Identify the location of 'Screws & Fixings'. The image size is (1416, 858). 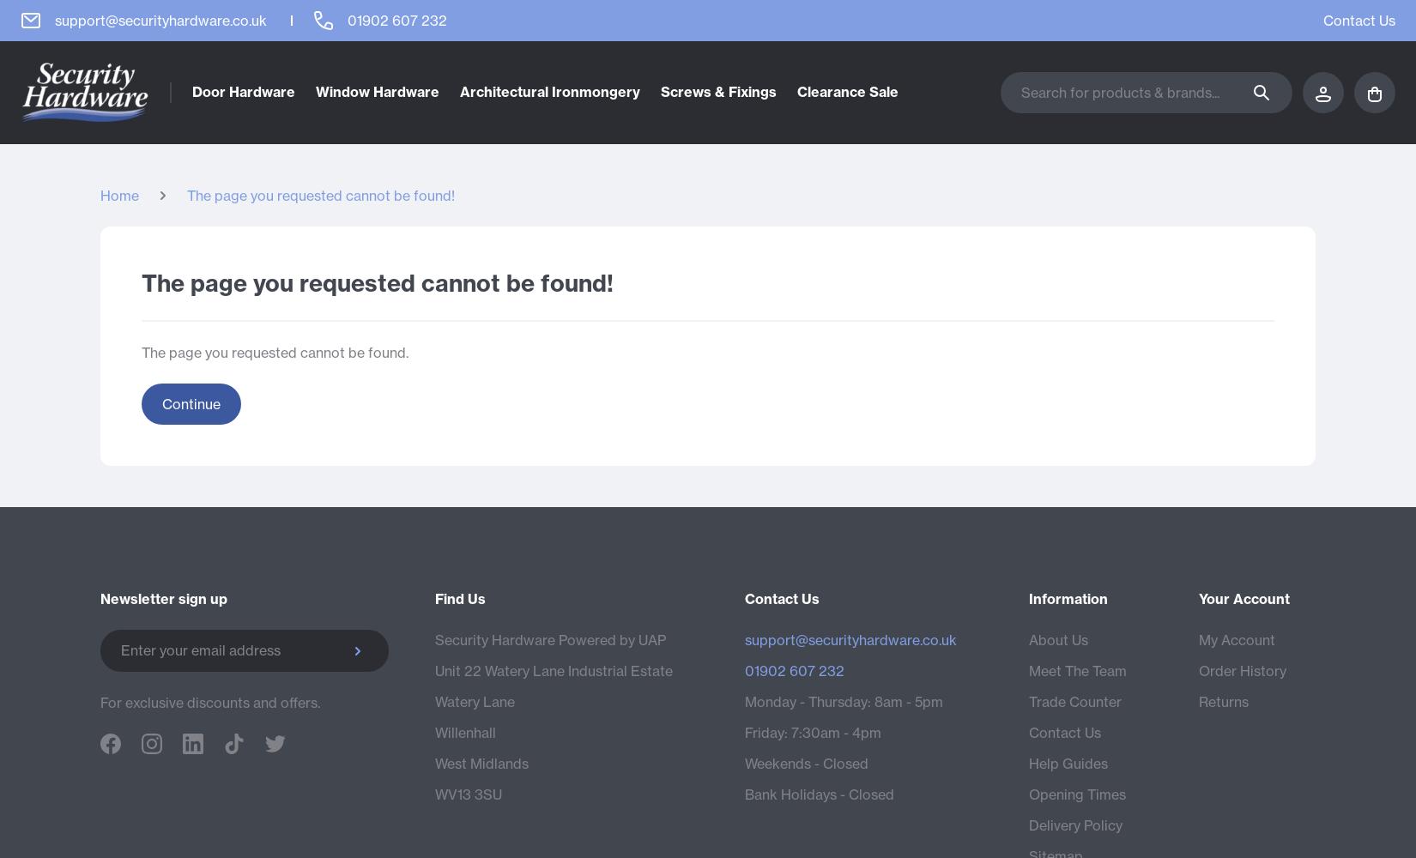
(660, 91).